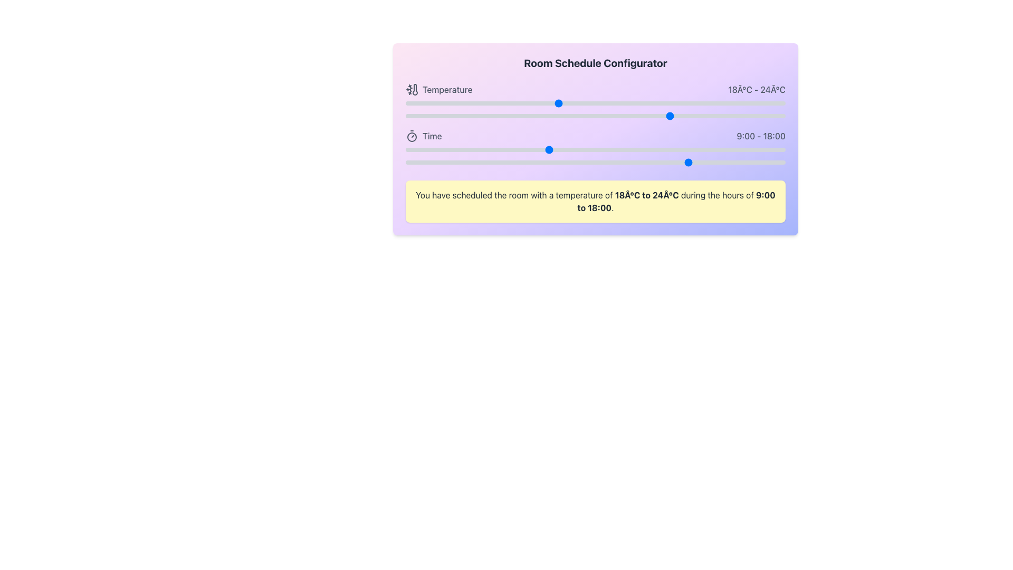  Describe the element at coordinates (412, 89) in the screenshot. I see `the thermometer icon with a snowflake overlay located at the top-left section of the temperature settings component` at that location.